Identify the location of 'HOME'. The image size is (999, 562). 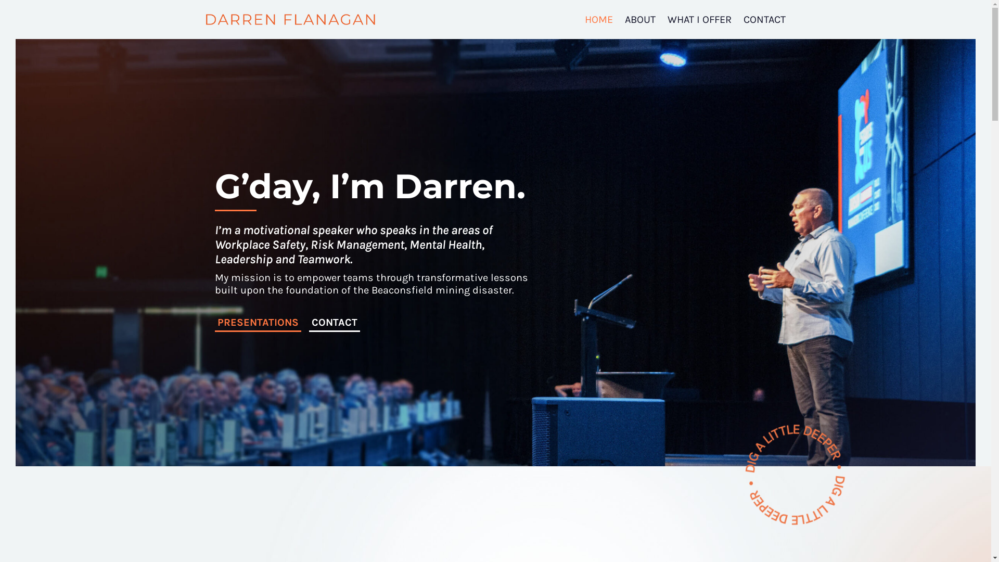
(599, 20).